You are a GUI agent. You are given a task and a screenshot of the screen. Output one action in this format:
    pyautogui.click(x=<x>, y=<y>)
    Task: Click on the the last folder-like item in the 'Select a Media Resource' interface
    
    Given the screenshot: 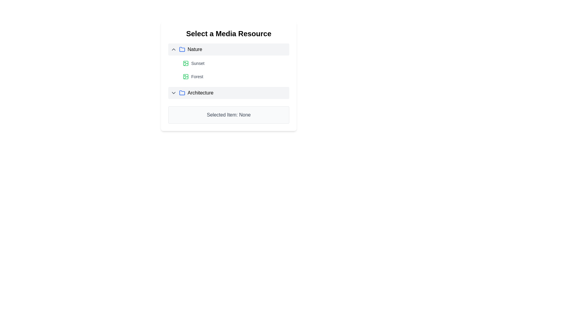 What is the action you would take?
    pyautogui.click(x=228, y=93)
    